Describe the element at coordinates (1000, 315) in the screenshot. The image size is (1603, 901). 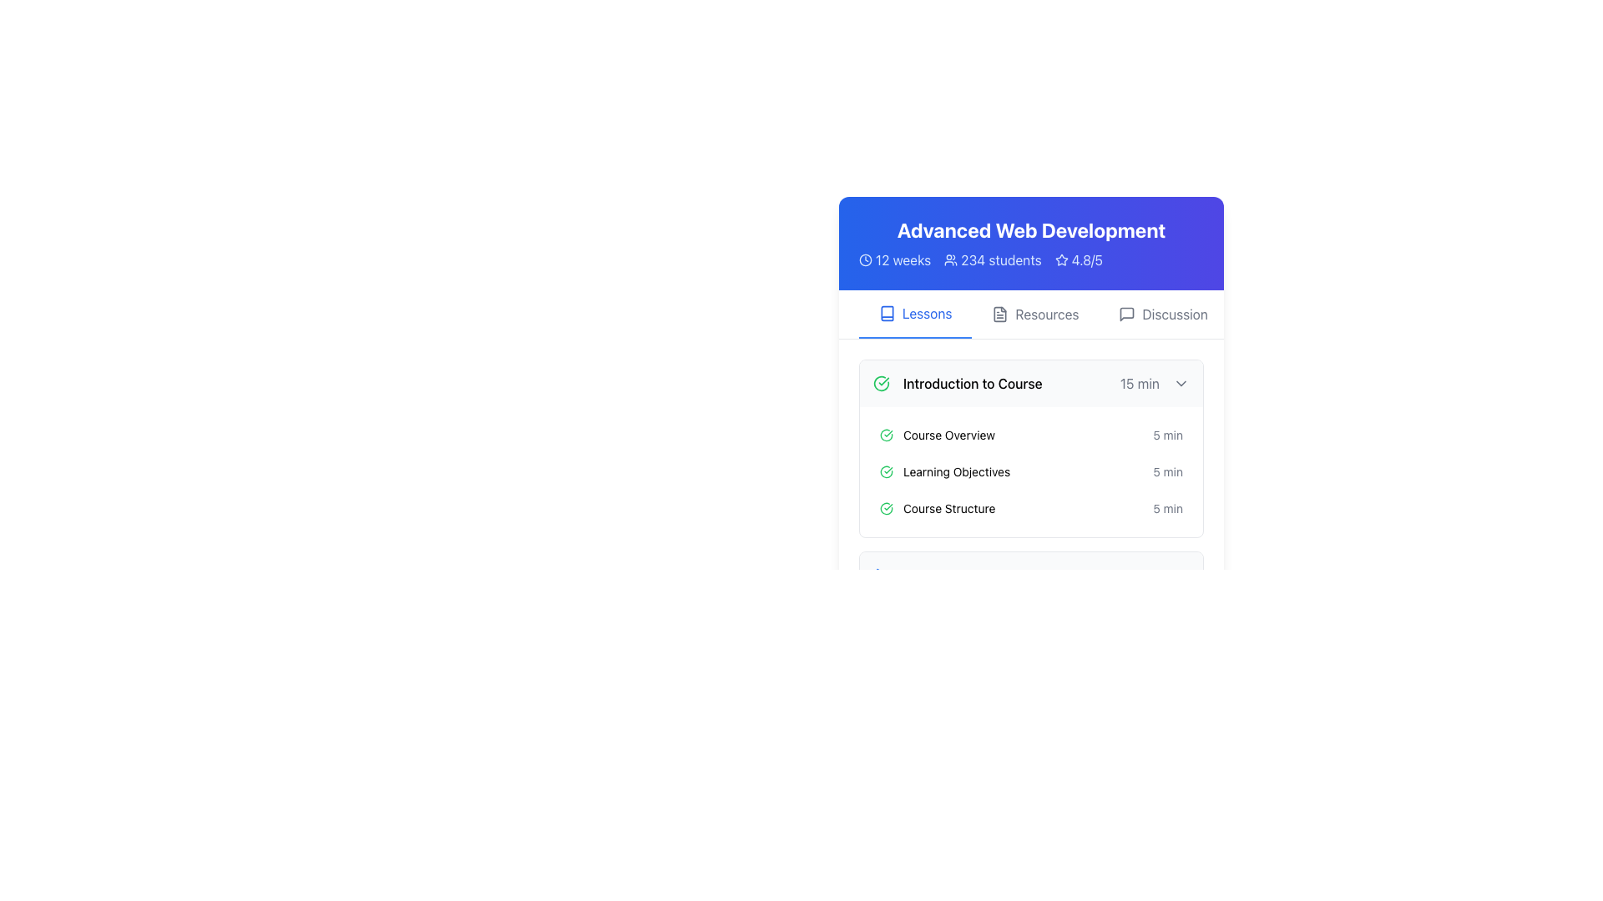
I see `the 'Resources' tab icon in the navigation menu` at that location.